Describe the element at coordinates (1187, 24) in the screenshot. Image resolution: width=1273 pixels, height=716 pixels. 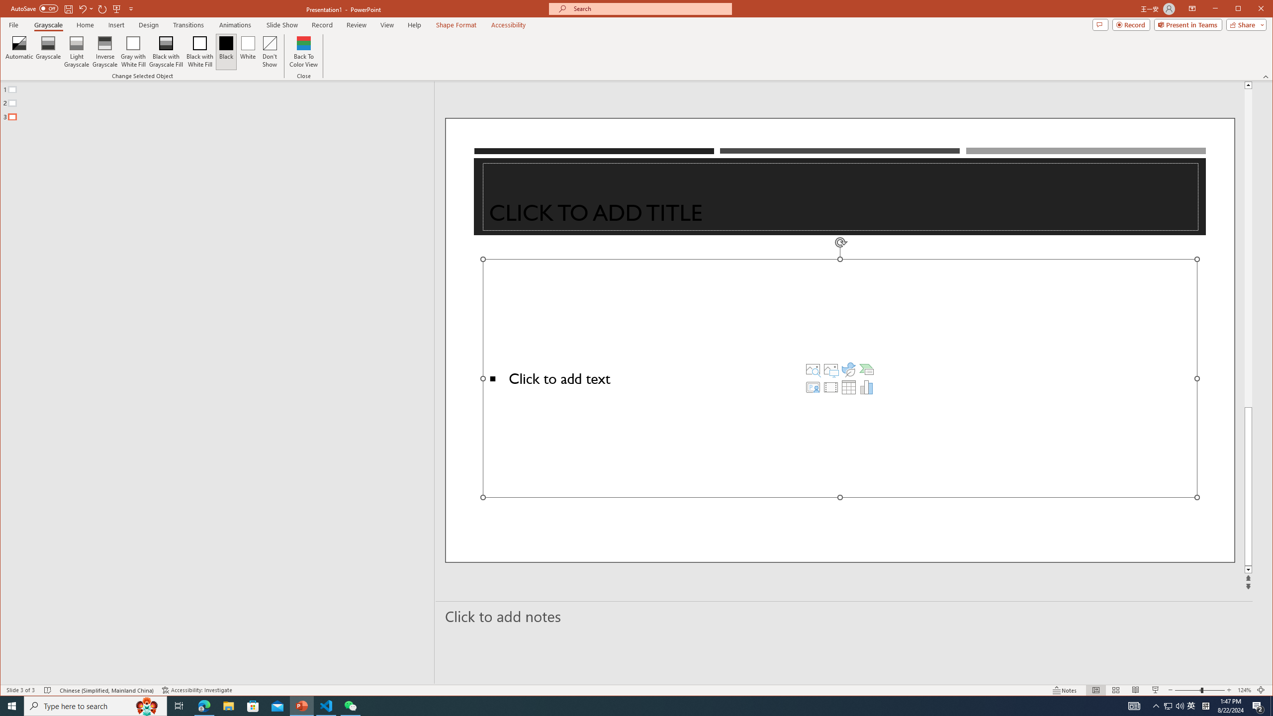
I see `'Present in Teams'` at that location.